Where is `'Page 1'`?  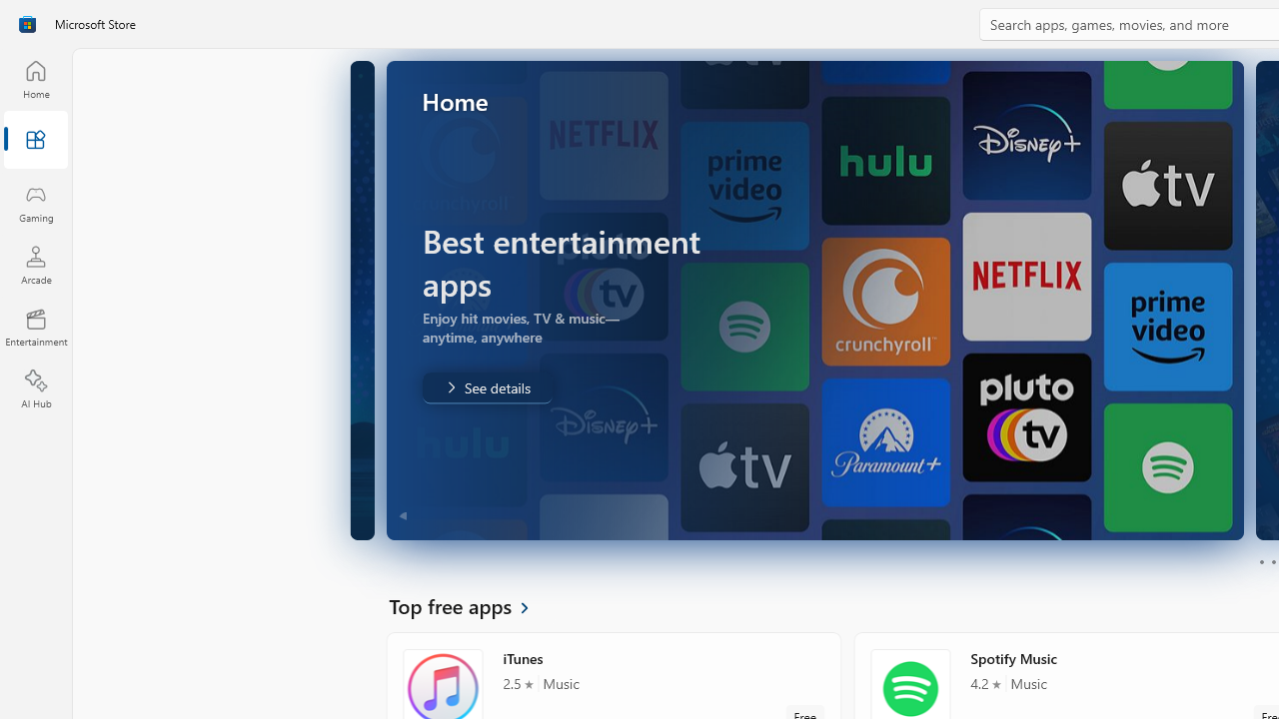 'Page 1' is located at coordinates (1260, 562).